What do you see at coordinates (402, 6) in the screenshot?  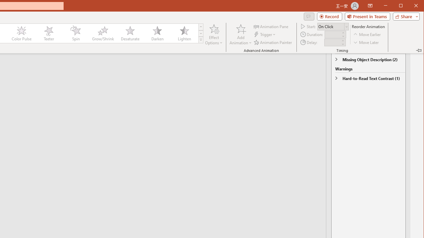 I see `'Minimize'` at bounding box center [402, 6].